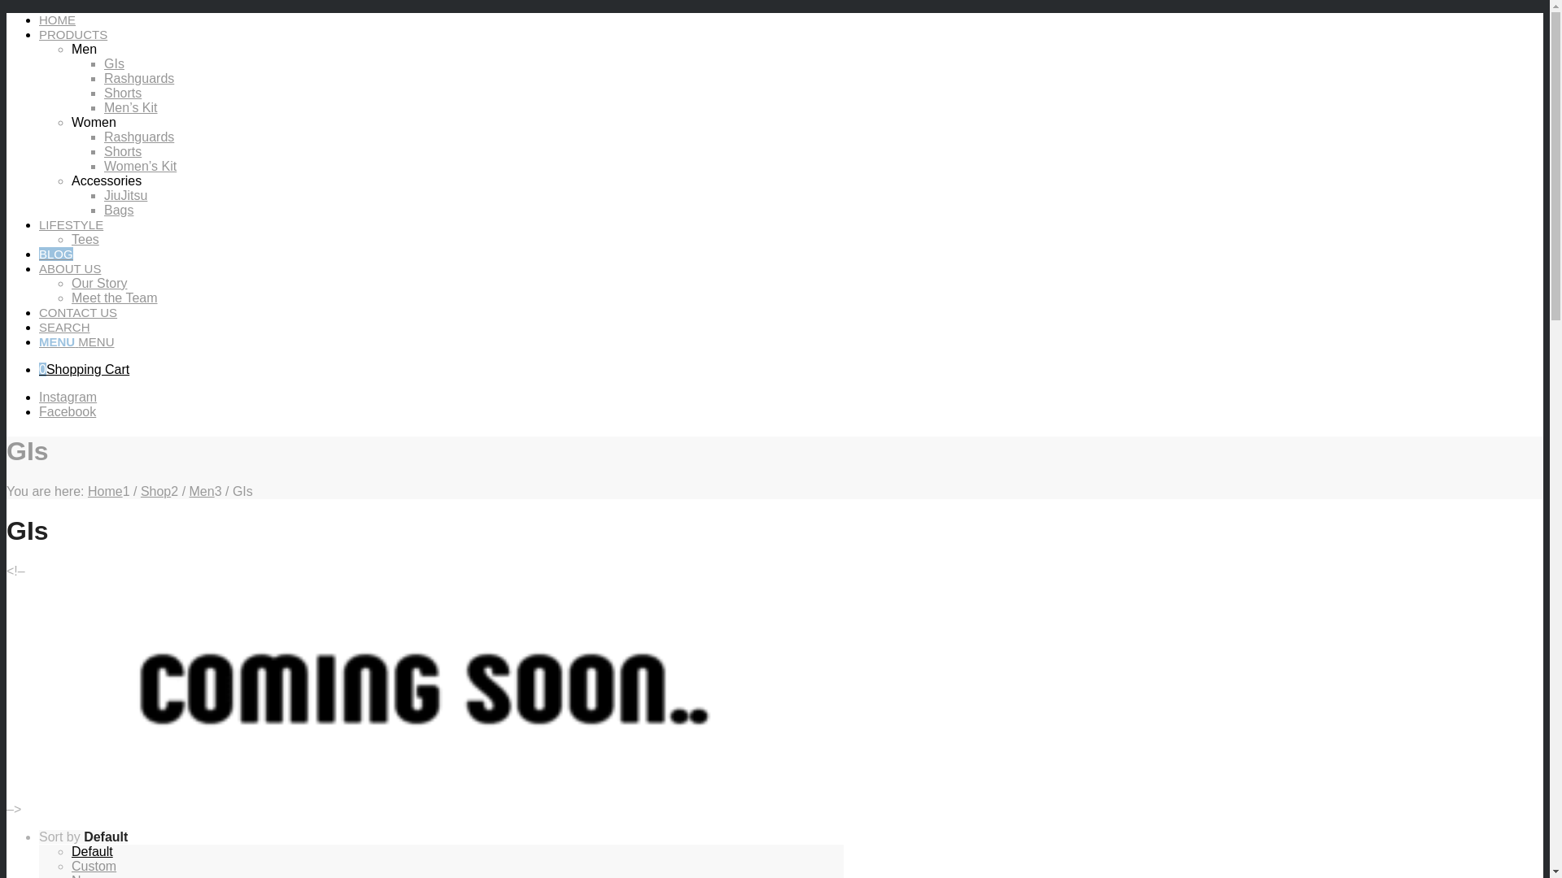 The image size is (1562, 878). Describe the element at coordinates (155, 490) in the screenshot. I see `'Shop'` at that location.